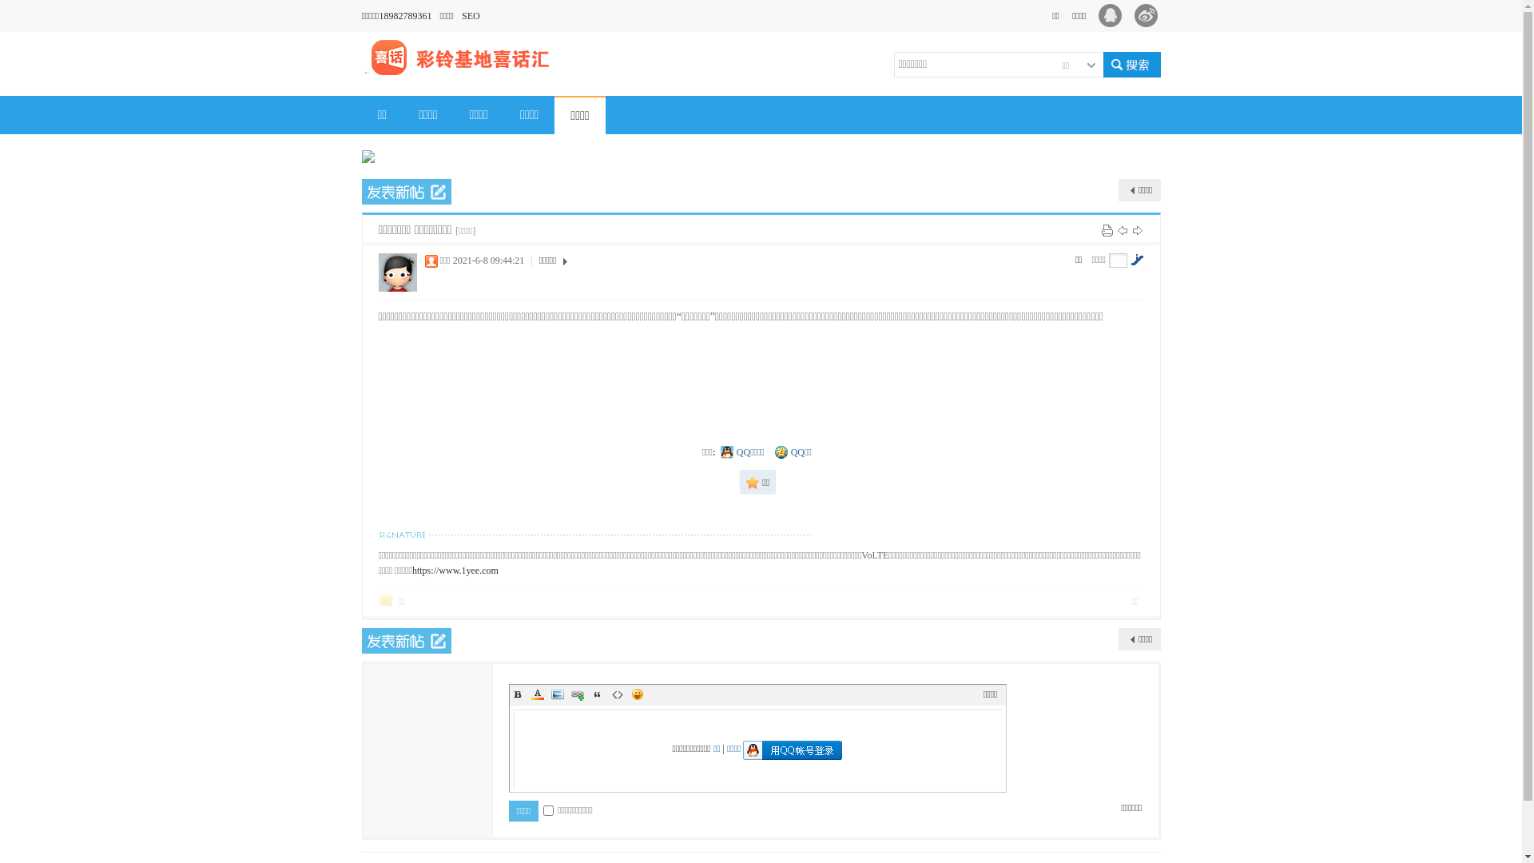  Describe the element at coordinates (411, 569) in the screenshot. I see `'https://www.1yee.com'` at that location.